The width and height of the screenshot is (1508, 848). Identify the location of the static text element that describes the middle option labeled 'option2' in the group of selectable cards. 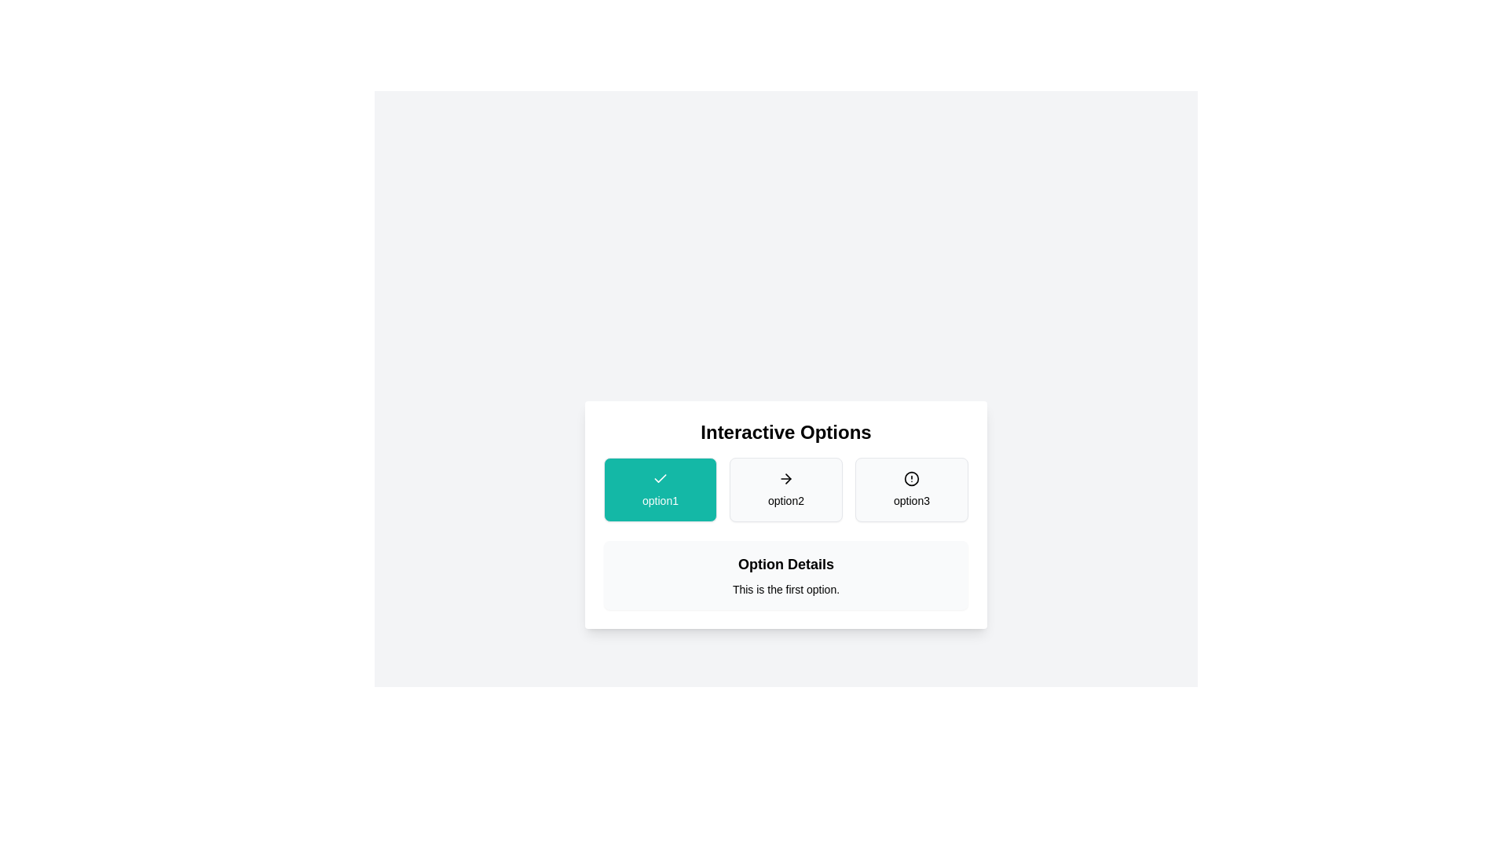
(786, 500).